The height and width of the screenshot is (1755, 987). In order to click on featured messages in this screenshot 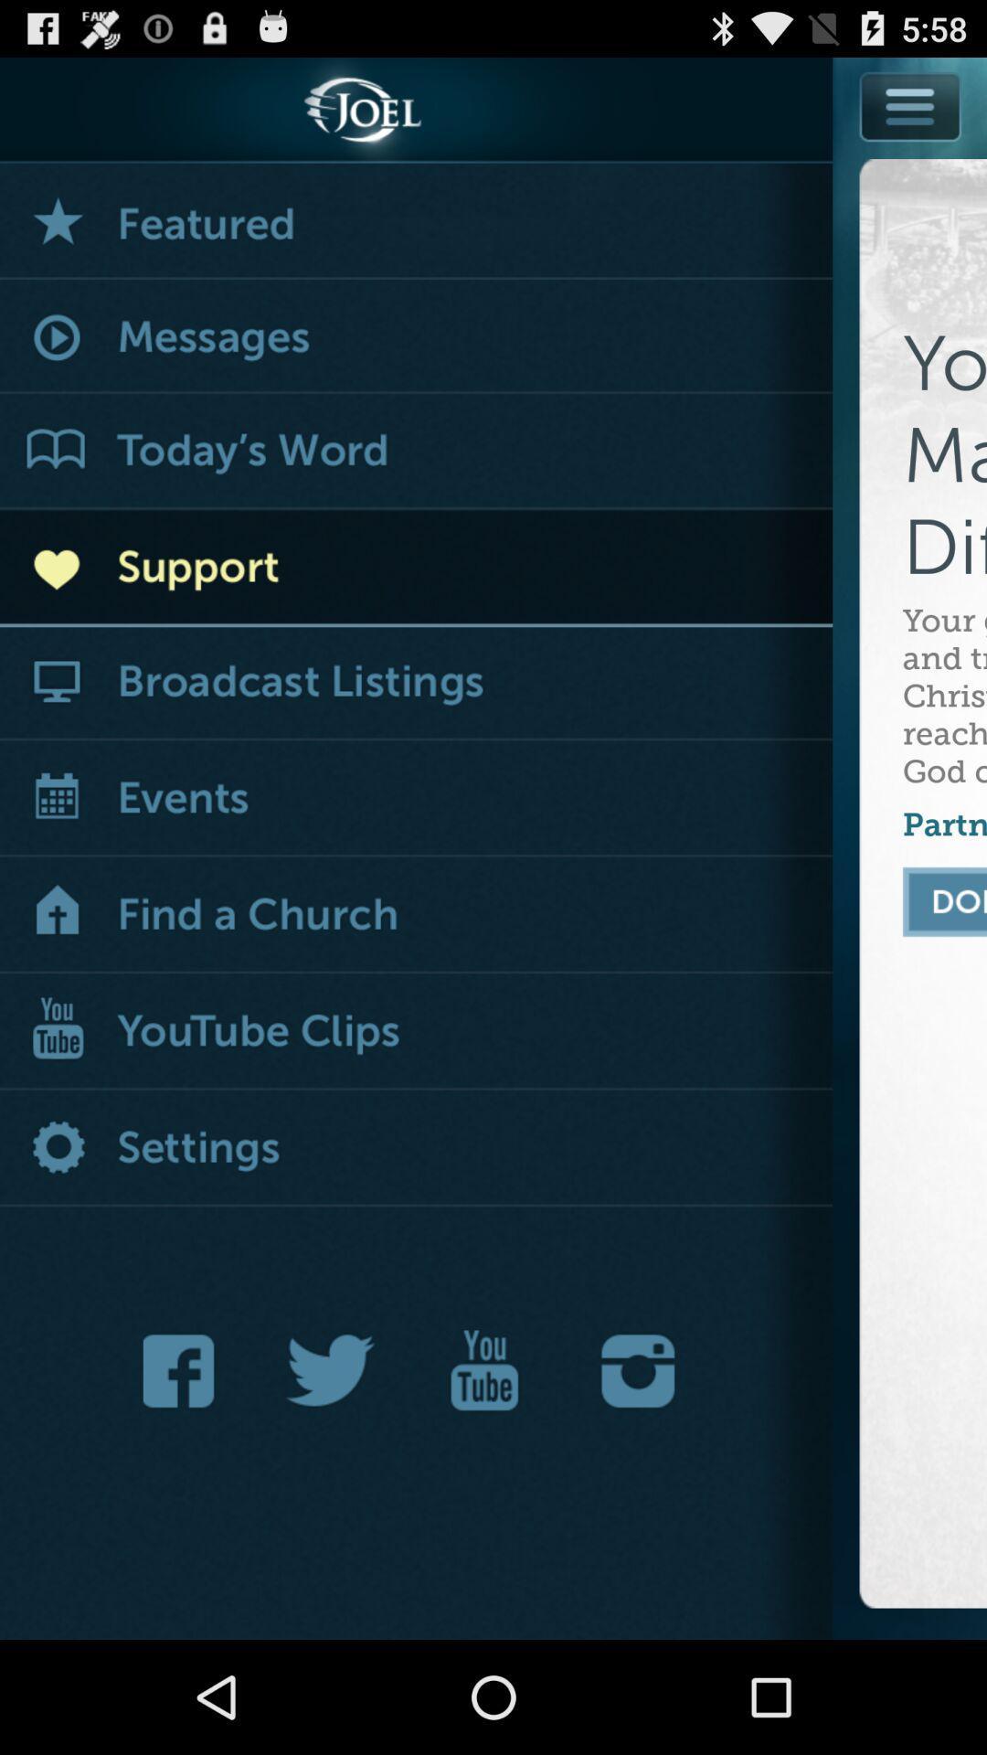, I will do `click(416, 220)`.